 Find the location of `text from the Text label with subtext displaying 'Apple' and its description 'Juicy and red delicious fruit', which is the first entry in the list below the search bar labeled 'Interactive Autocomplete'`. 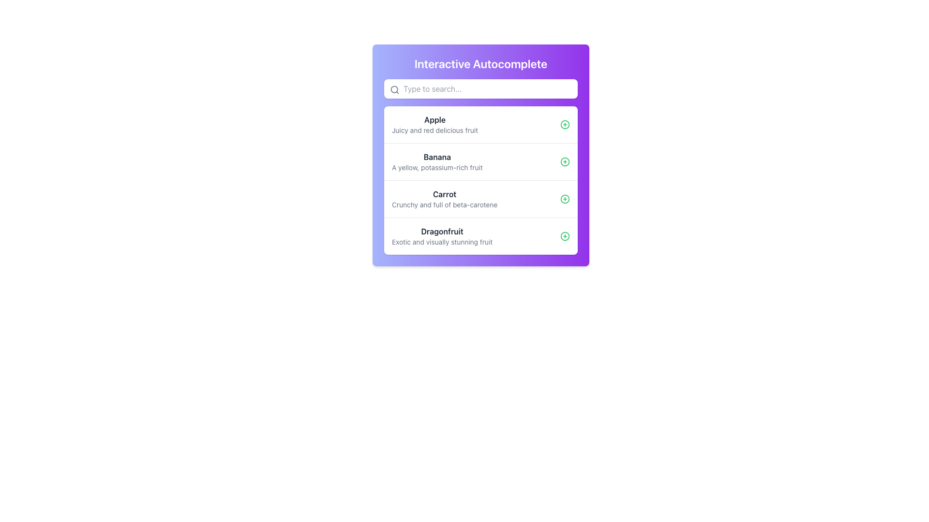

text from the Text label with subtext displaying 'Apple' and its description 'Juicy and red delicious fruit', which is the first entry in the list below the search bar labeled 'Interactive Autocomplete' is located at coordinates (434, 124).